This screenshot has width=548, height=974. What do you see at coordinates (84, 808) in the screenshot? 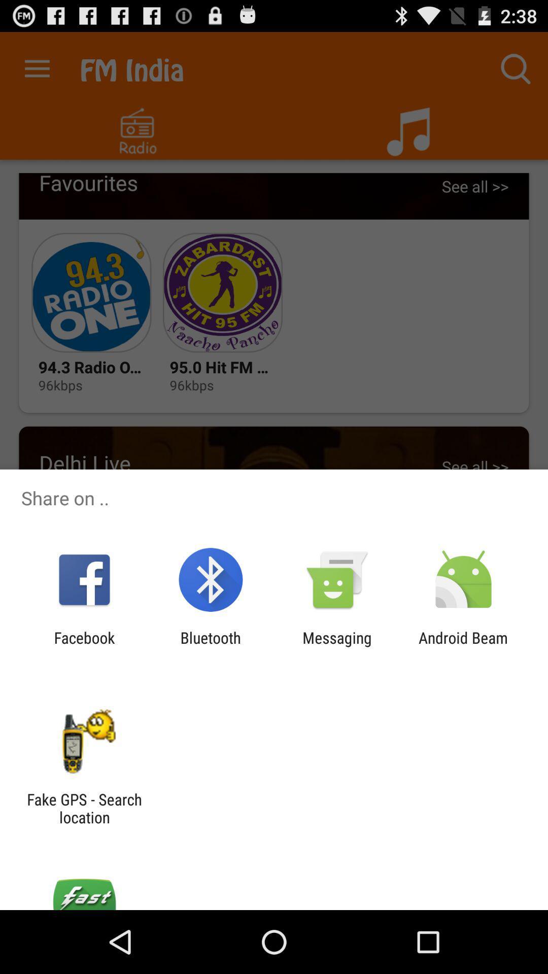
I see `fake gps search item` at bounding box center [84, 808].